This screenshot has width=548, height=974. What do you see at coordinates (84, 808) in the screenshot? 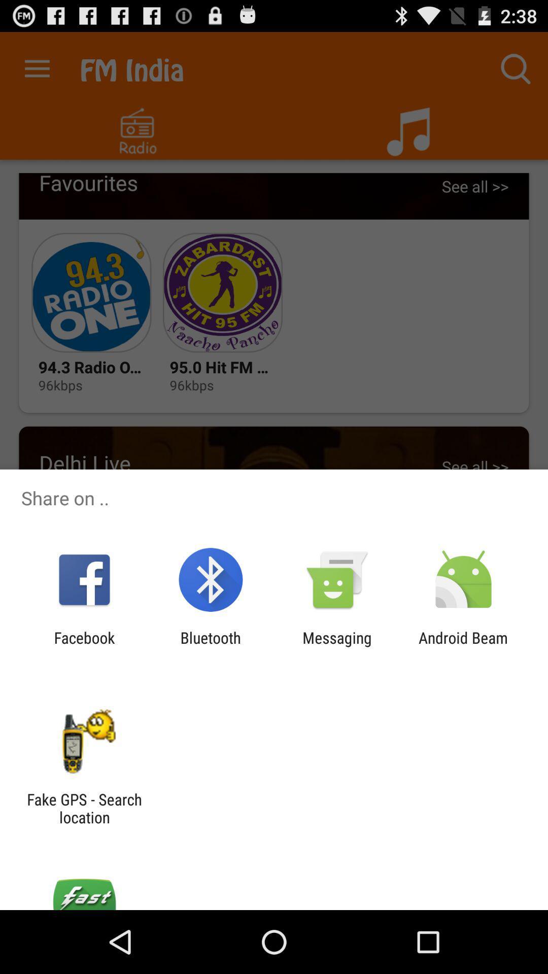
I see `fake gps search item` at bounding box center [84, 808].